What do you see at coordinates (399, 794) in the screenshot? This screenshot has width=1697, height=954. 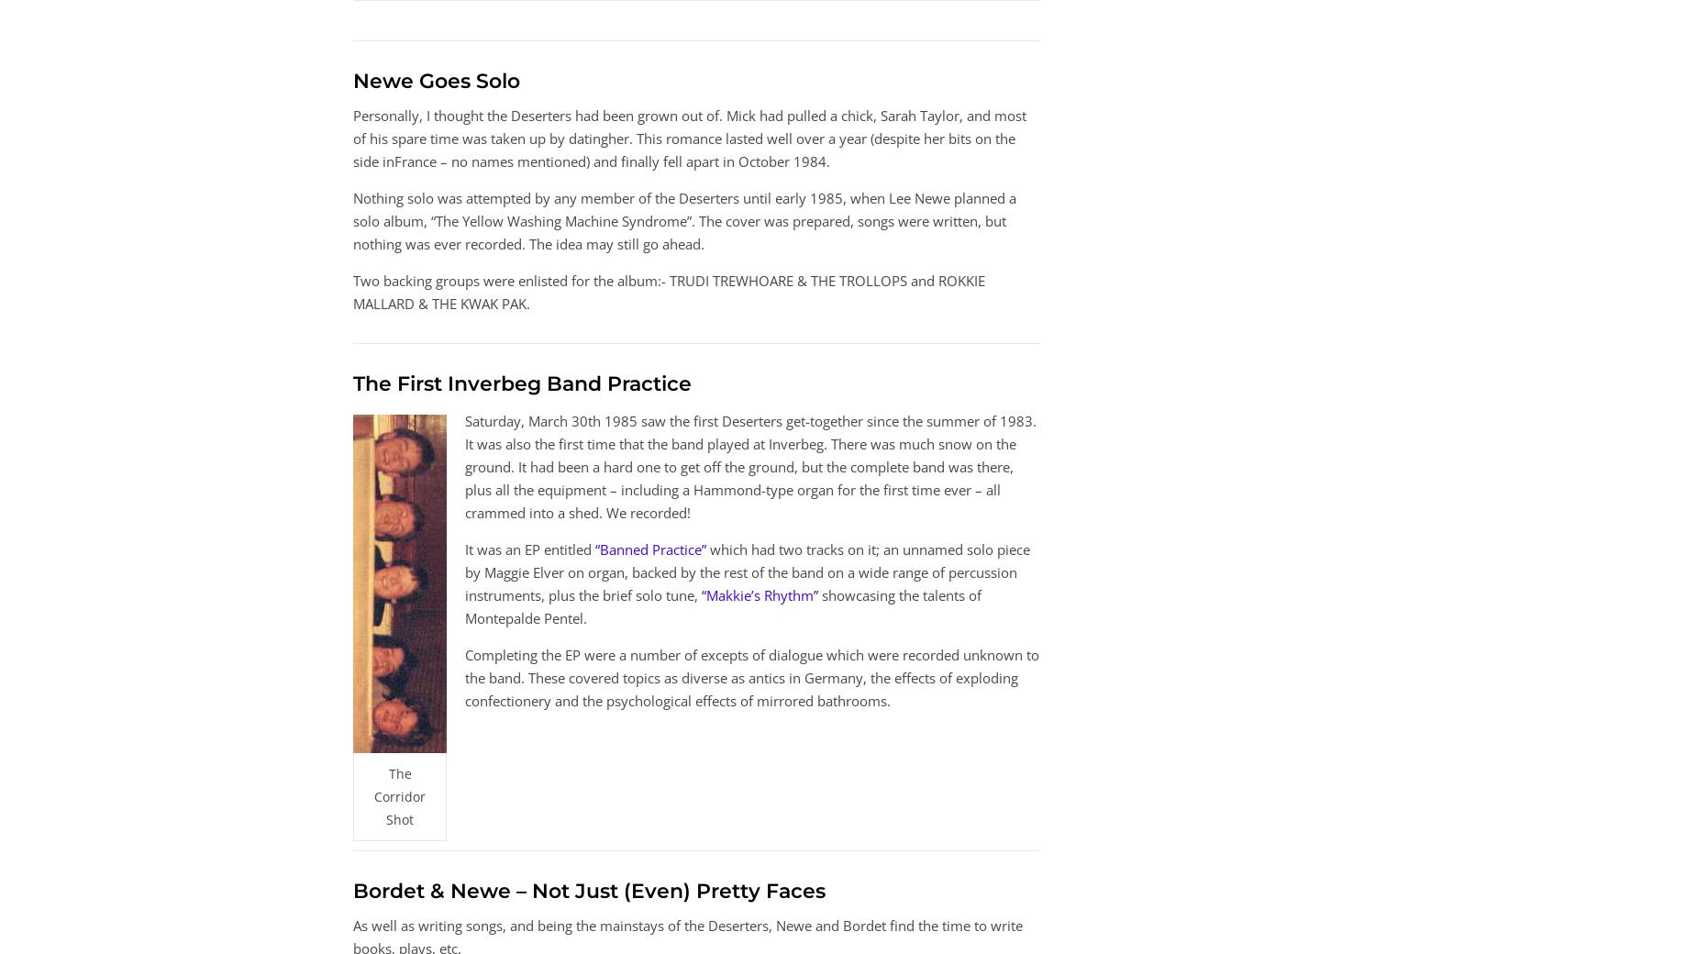 I see `'The Corridor Shot'` at bounding box center [399, 794].